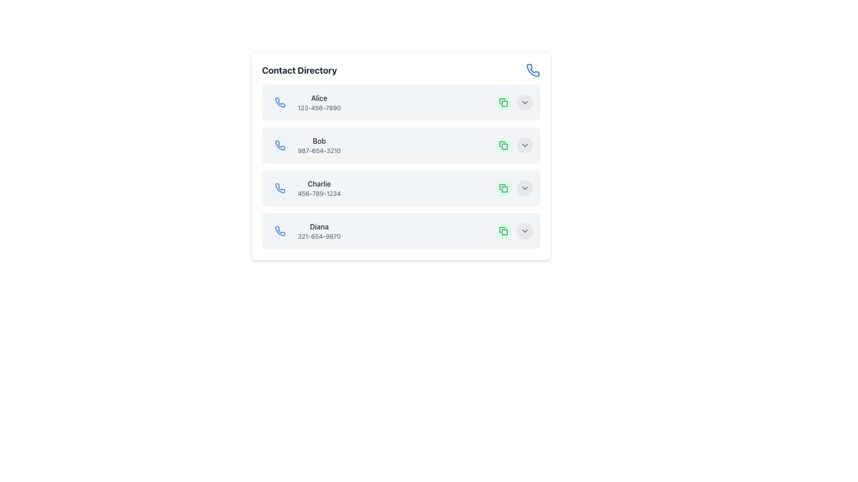 This screenshot has height=482, width=858. I want to click on the circular button with a light gray background and a chevron-down icon at its center, so click(525, 187).